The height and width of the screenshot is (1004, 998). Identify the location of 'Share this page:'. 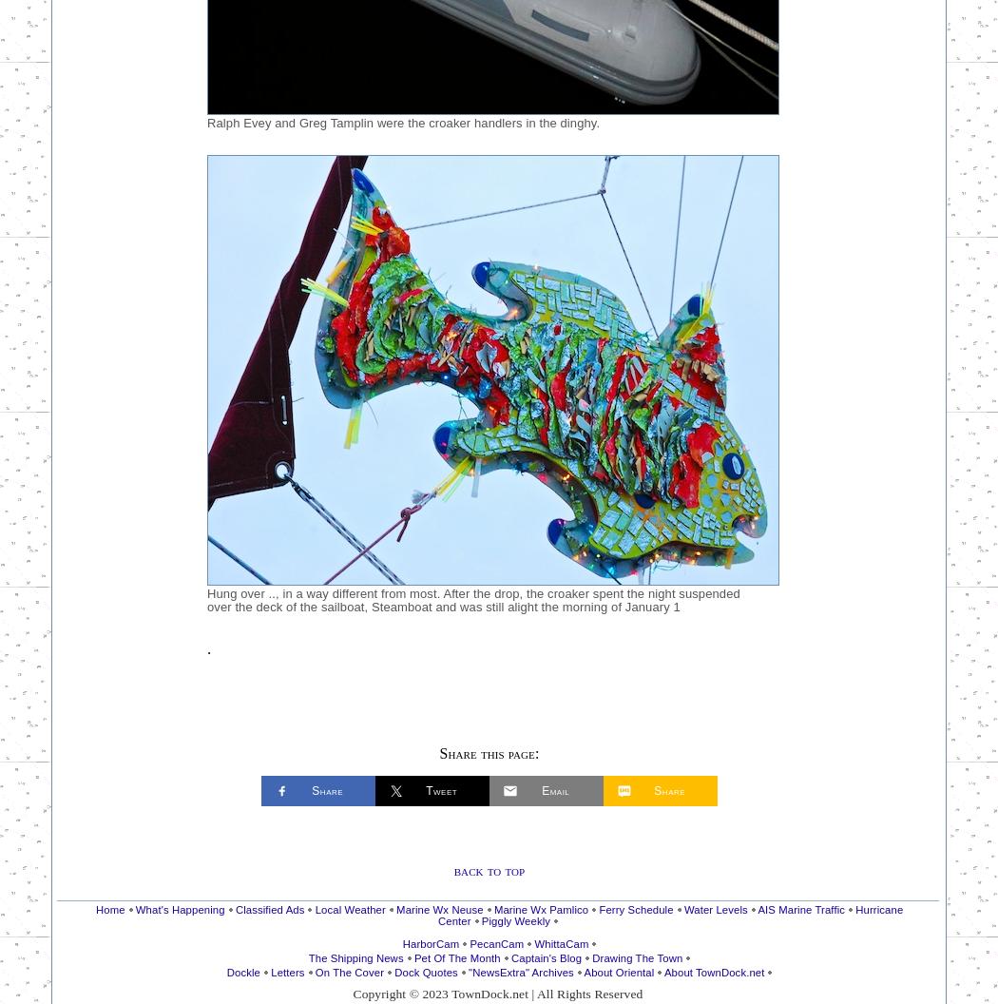
(488, 753).